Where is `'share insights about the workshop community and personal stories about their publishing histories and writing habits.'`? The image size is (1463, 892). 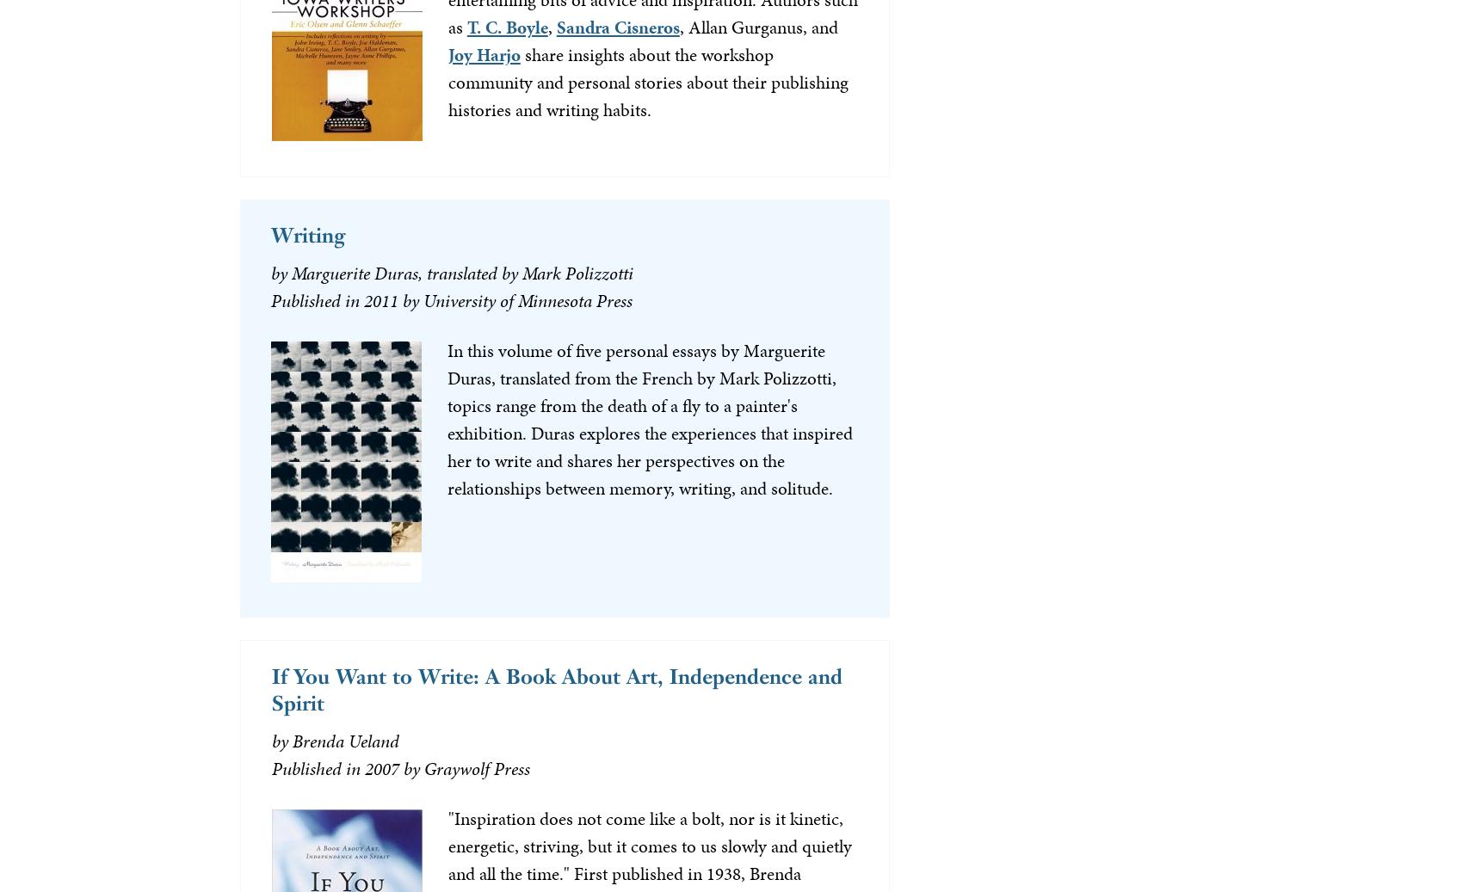 'share insights about the workshop community and personal stories about their publishing histories and writing habits.' is located at coordinates (646, 80).